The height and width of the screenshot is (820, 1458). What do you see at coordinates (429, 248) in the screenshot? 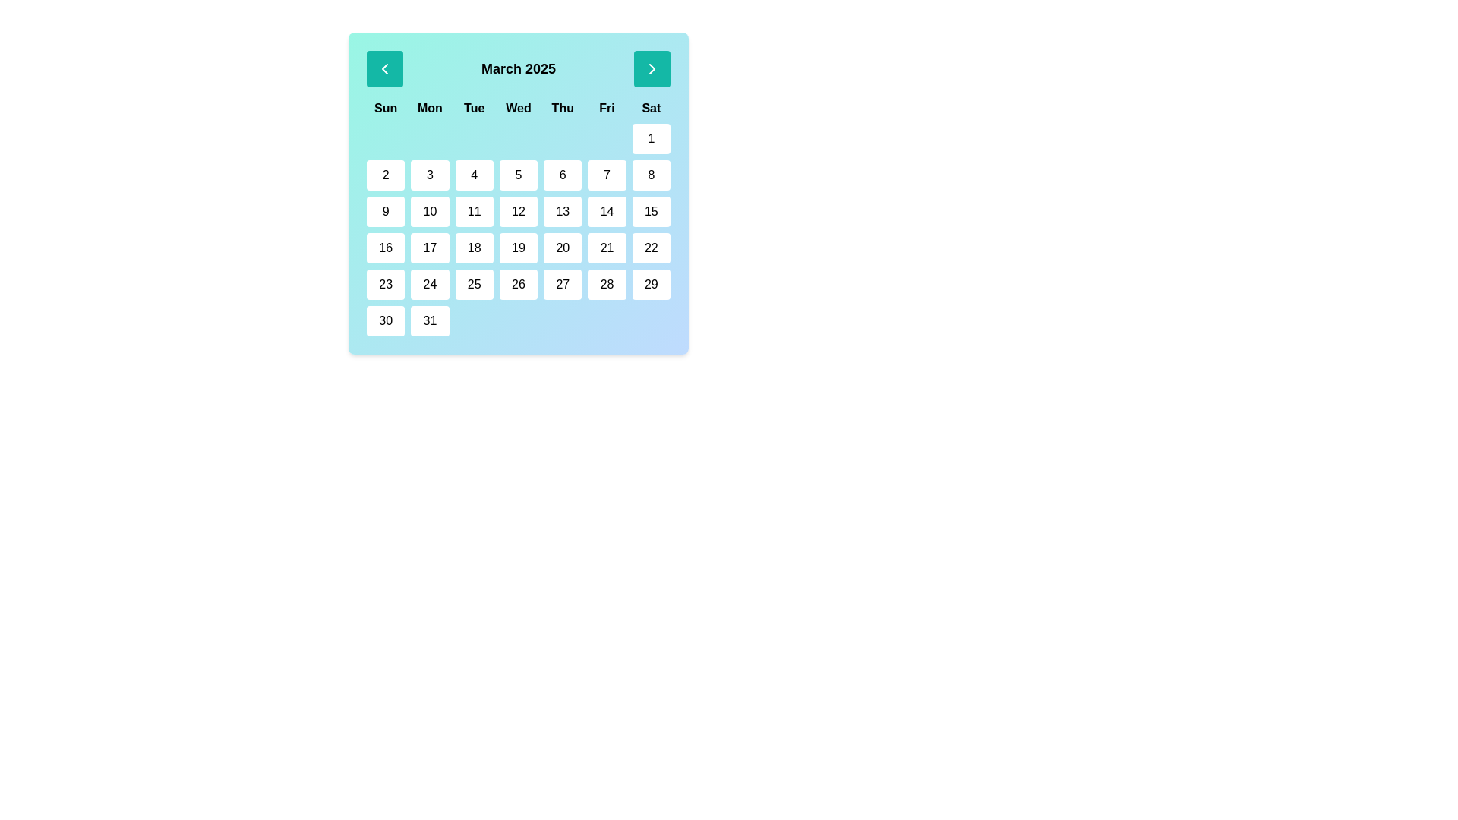
I see `the square button labeled '17' in the calendar grid` at bounding box center [429, 248].